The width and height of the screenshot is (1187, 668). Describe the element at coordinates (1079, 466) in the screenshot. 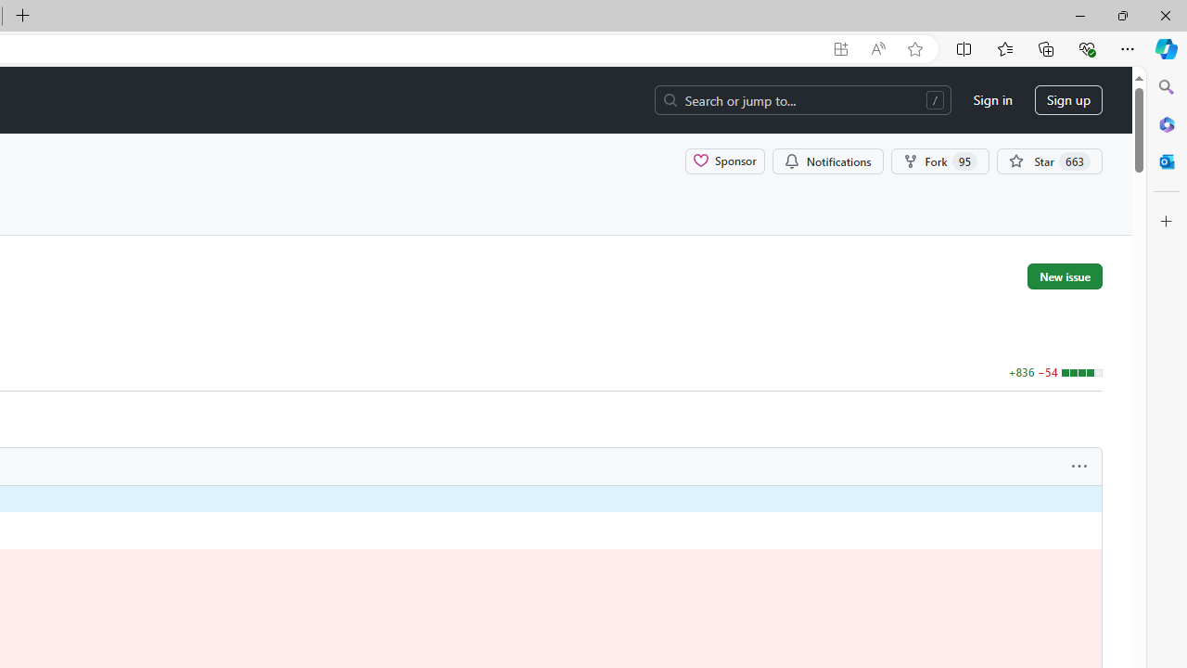

I see `'Show options'` at that location.